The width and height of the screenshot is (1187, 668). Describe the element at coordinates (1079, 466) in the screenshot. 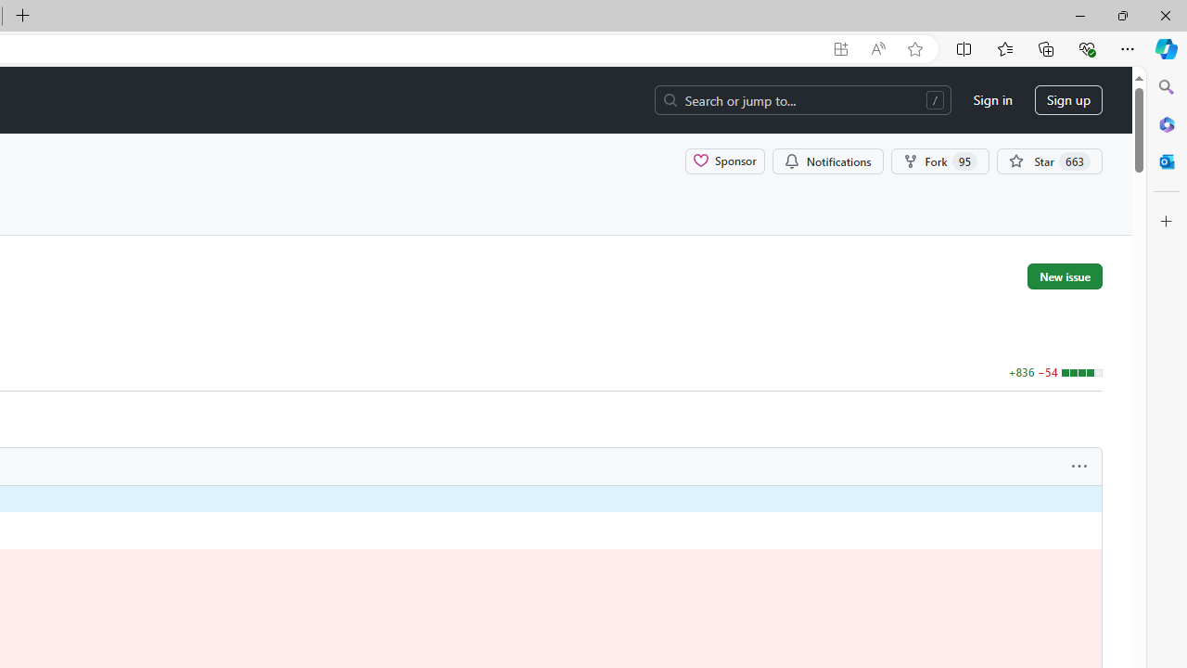

I see `'Show options'` at that location.